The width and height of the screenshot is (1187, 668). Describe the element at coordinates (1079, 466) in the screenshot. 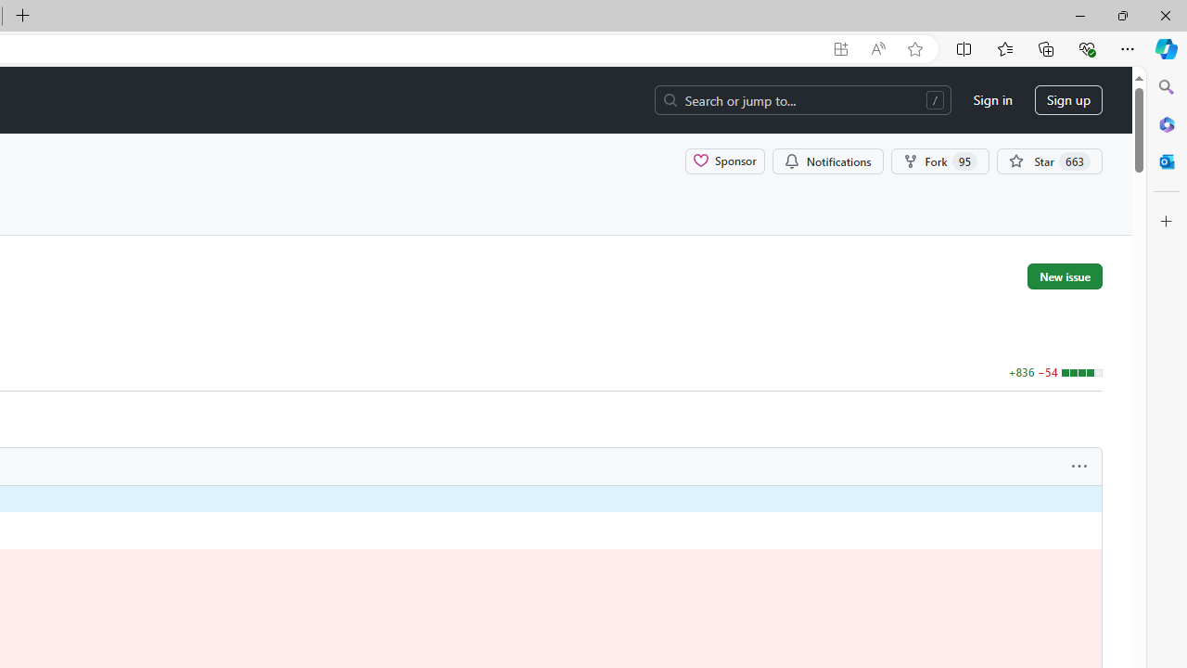

I see `'Show options'` at that location.